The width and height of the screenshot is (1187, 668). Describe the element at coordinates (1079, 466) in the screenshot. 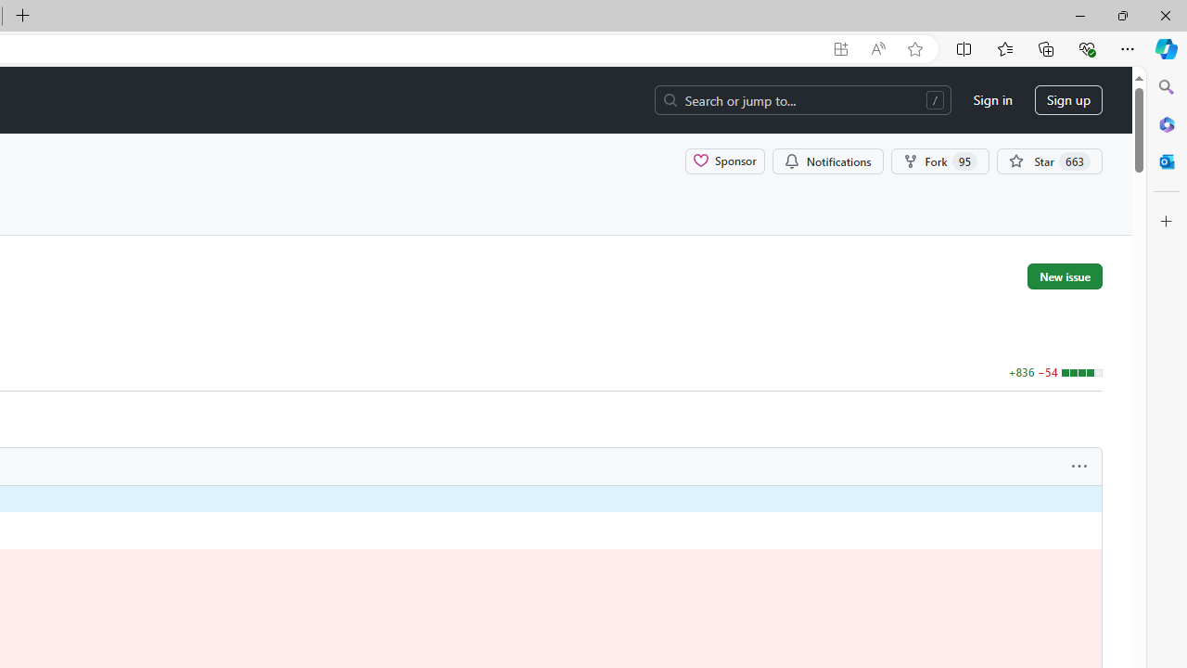

I see `'Show options'` at that location.